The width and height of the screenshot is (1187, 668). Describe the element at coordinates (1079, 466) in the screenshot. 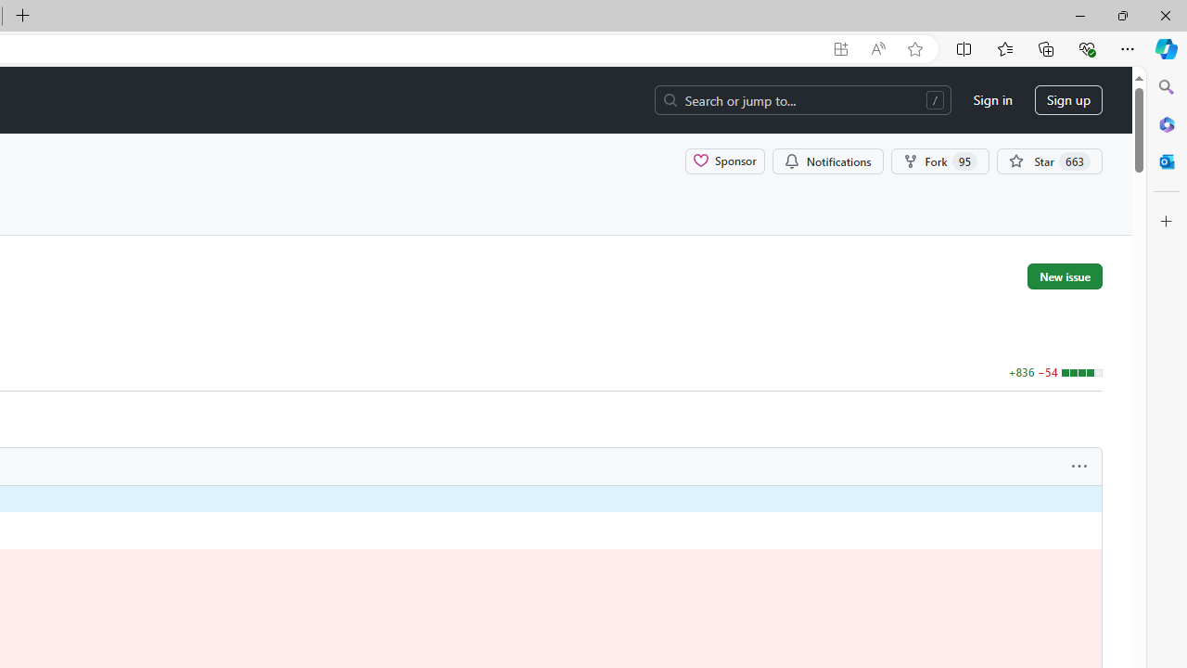

I see `'Show options'` at that location.